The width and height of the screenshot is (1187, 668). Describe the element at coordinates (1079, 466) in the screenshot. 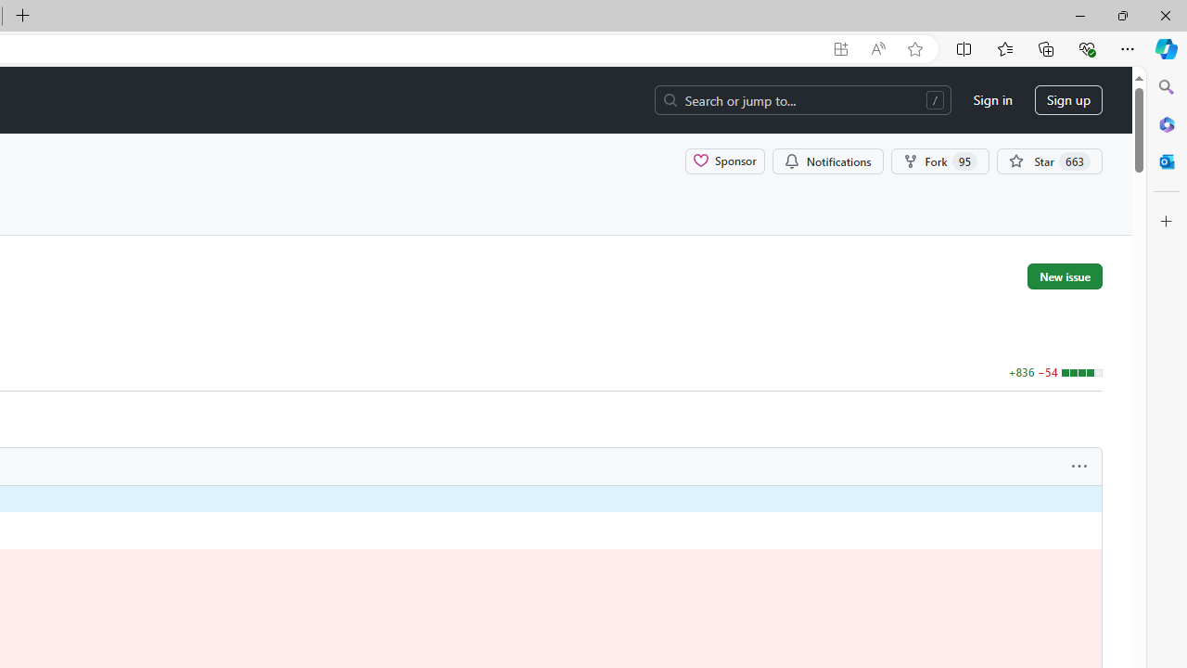

I see `'Show options'` at that location.